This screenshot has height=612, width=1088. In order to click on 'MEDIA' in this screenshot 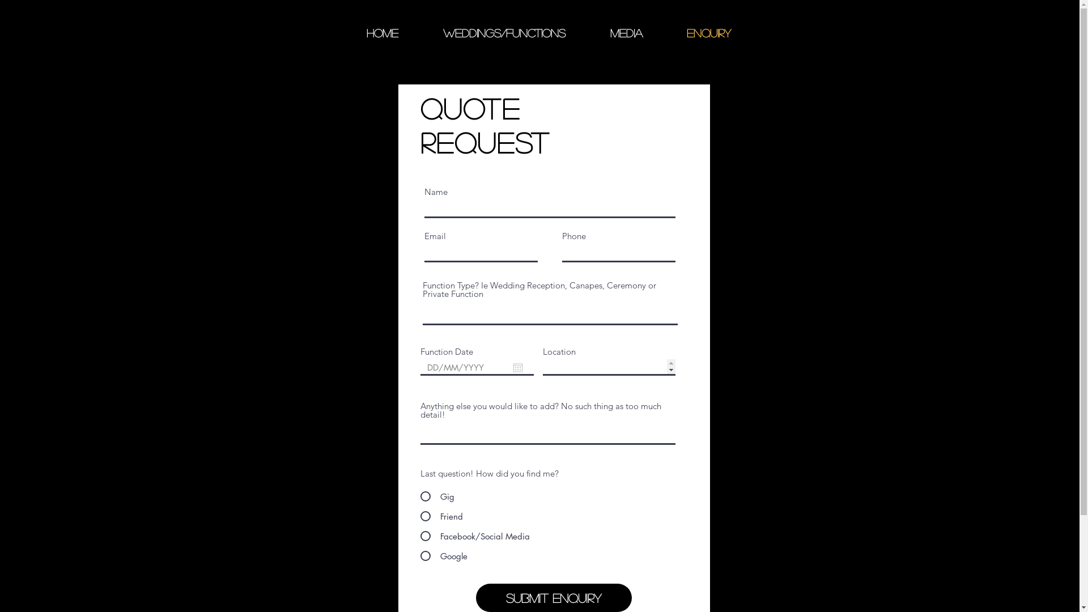, I will do `click(588, 32)`.